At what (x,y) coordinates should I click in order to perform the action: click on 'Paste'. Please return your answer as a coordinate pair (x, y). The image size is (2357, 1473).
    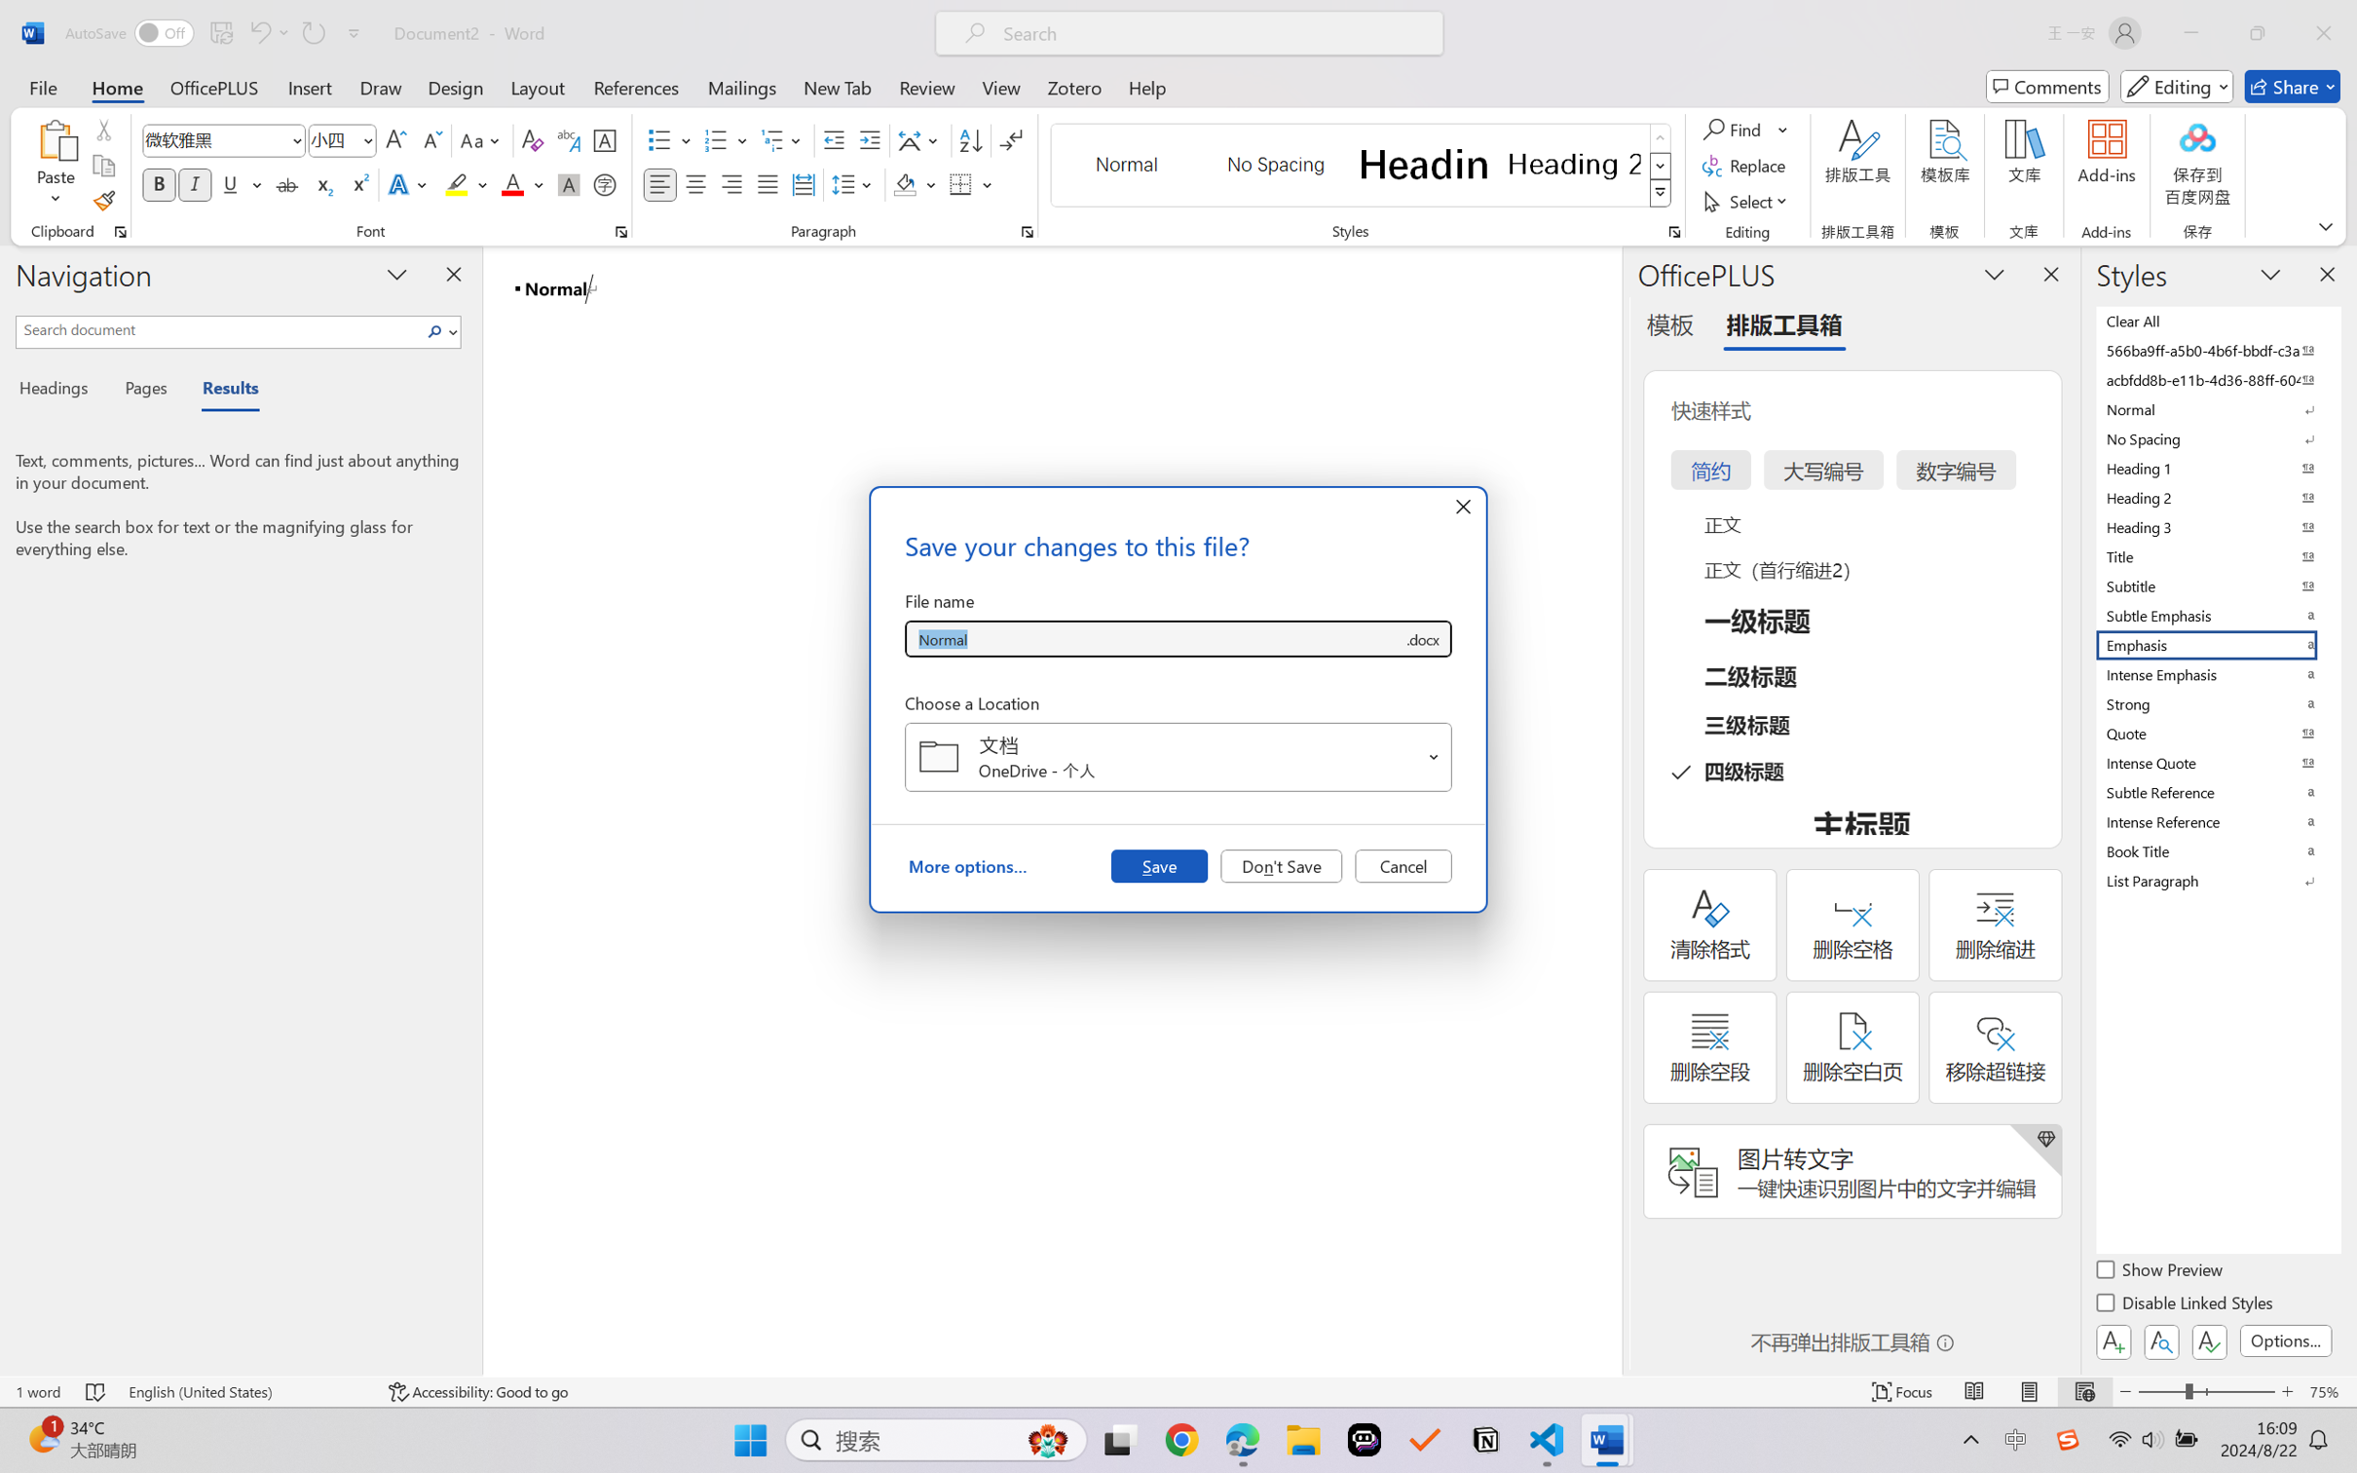
    Looking at the image, I should click on (56, 166).